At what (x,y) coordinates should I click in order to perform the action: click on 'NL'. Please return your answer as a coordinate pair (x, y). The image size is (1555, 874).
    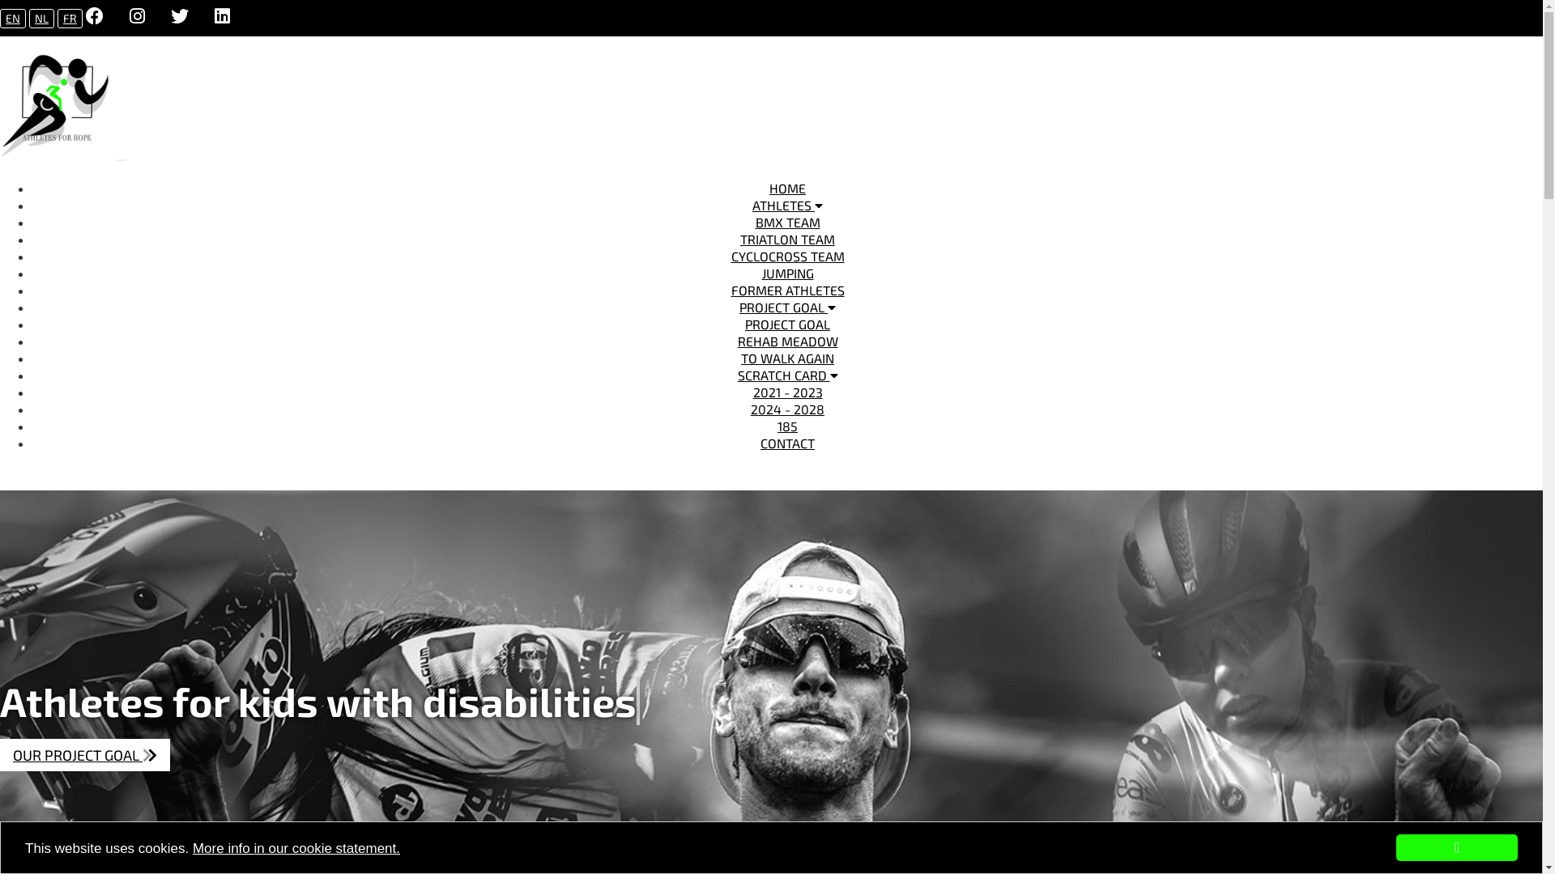
    Looking at the image, I should click on (41, 19).